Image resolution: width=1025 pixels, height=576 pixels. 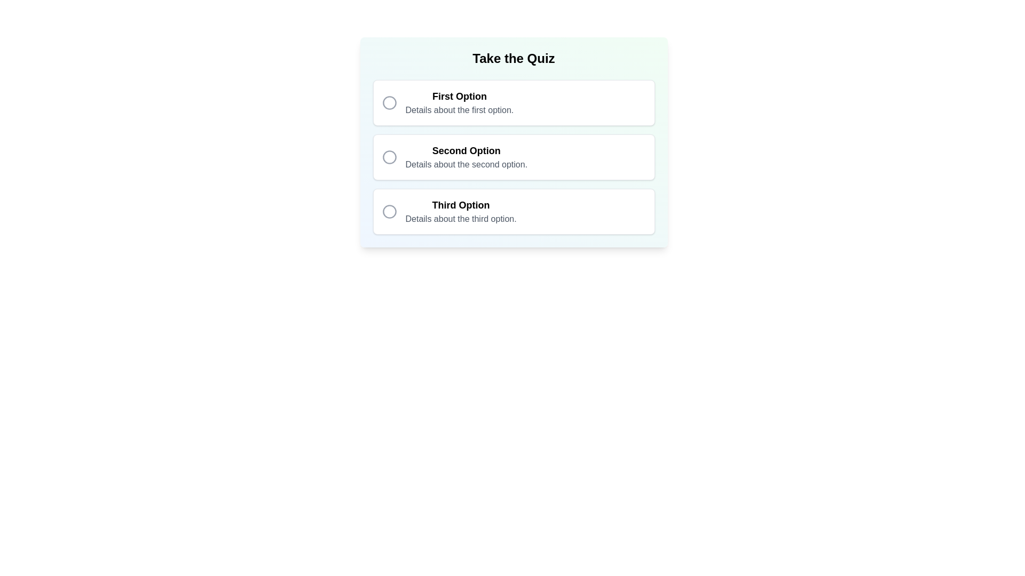 I want to click on the unselected circular radio button indicator located in the 'Third Option' section, which is positioned to the left of the text 'Third Option Details about the third option.', so click(x=389, y=212).